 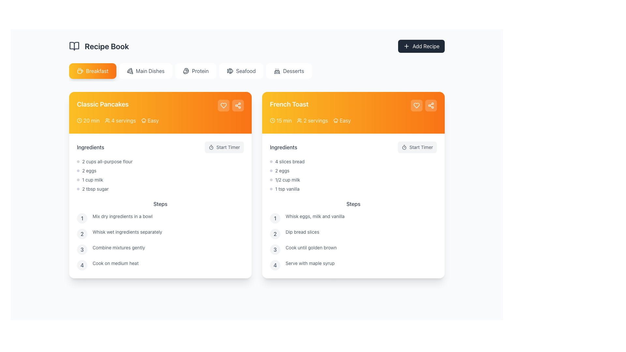 What do you see at coordinates (275, 249) in the screenshot?
I see `the Circular Step Indicator displaying the number '3', located in the 'Steps' section of the 'French Toast' recipe card, which is the third step's number indicator` at bounding box center [275, 249].